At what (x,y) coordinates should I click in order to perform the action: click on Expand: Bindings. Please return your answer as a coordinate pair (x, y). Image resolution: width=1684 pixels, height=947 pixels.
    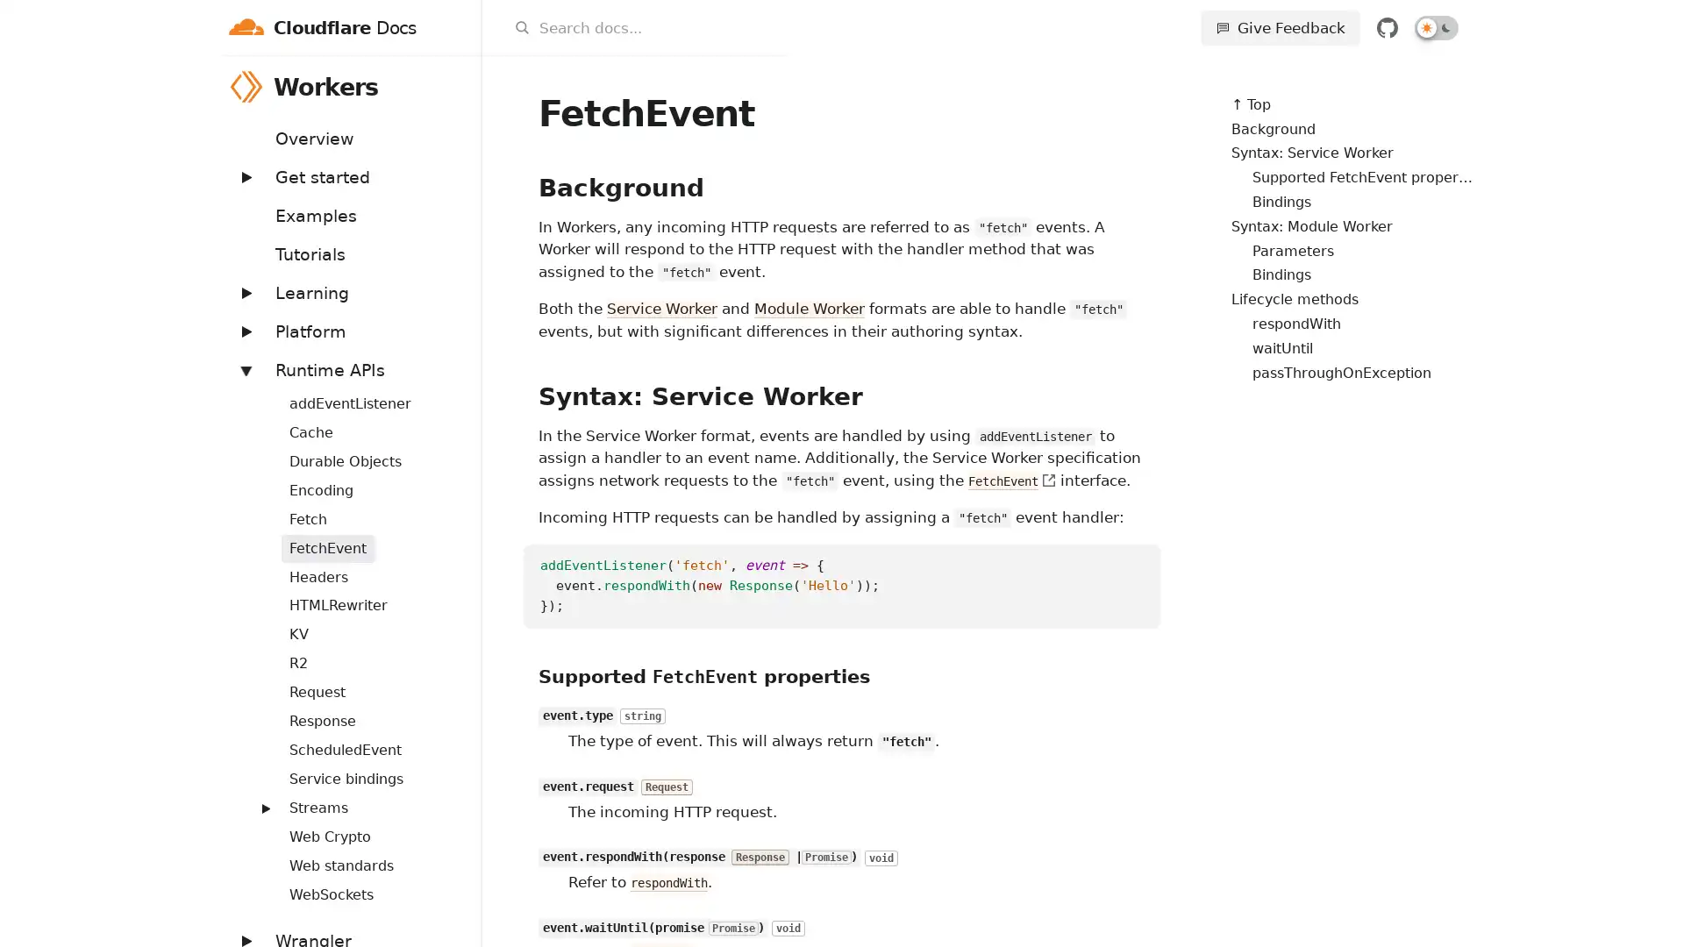
    Looking at the image, I should click on (255, 392).